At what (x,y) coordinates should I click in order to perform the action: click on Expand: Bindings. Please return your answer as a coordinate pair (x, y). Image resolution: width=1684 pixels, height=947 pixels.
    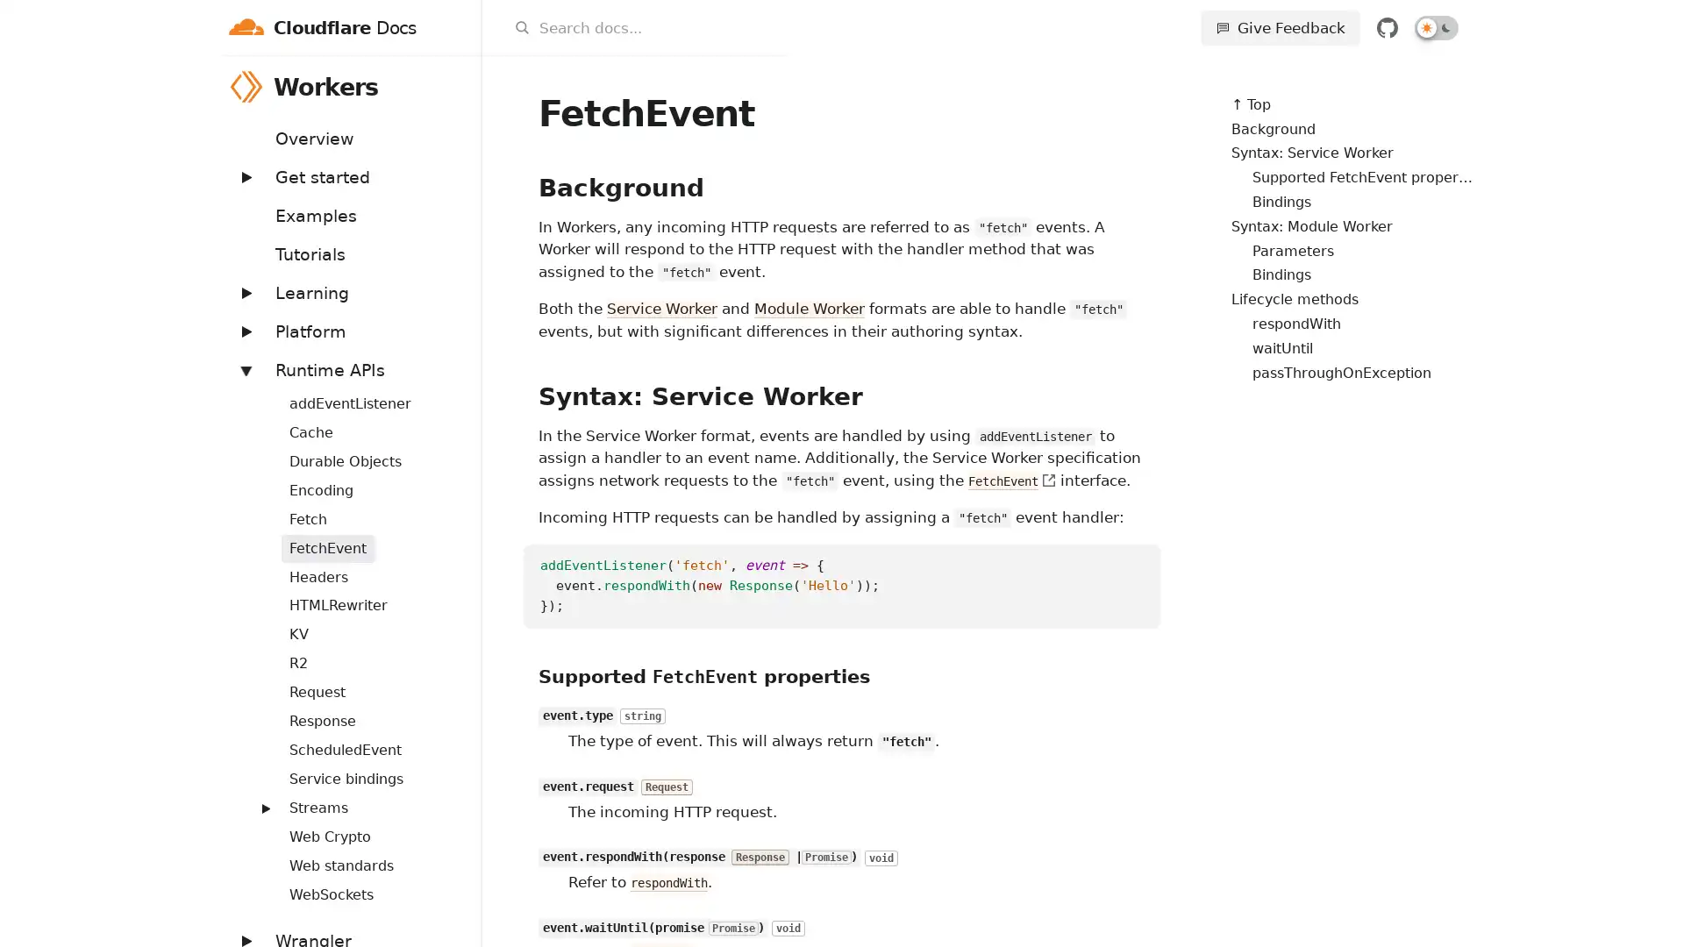
    Looking at the image, I should click on (255, 392).